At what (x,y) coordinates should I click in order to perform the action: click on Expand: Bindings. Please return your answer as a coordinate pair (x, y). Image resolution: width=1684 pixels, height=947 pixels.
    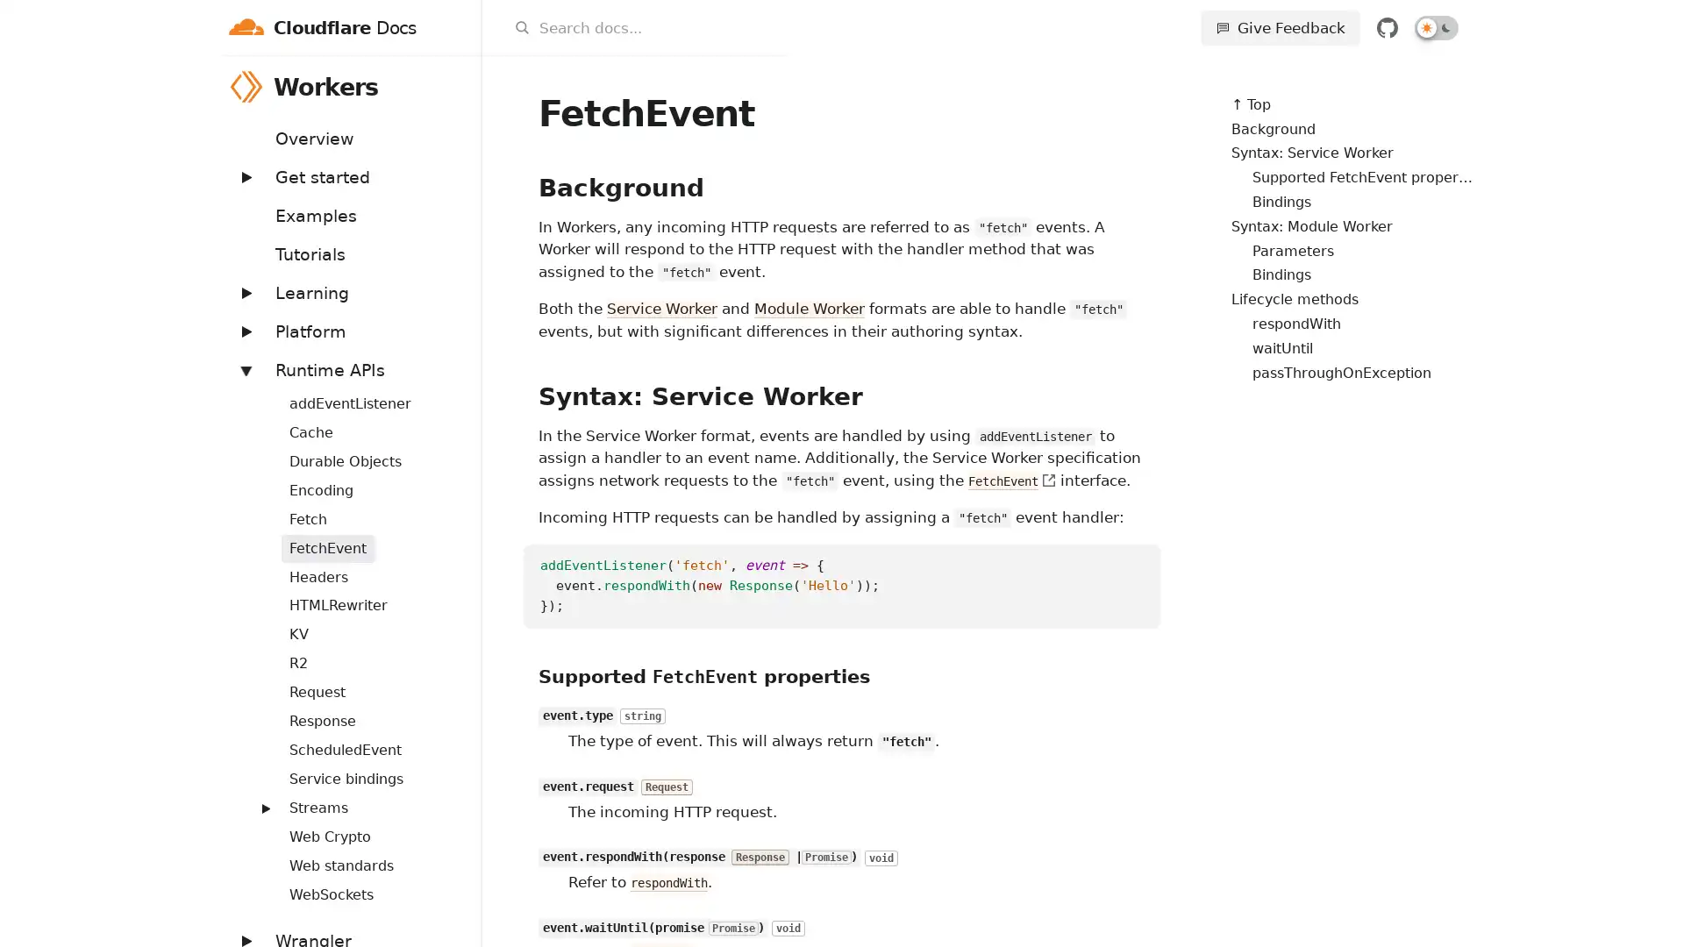
    Looking at the image, I should click on (255, 392).